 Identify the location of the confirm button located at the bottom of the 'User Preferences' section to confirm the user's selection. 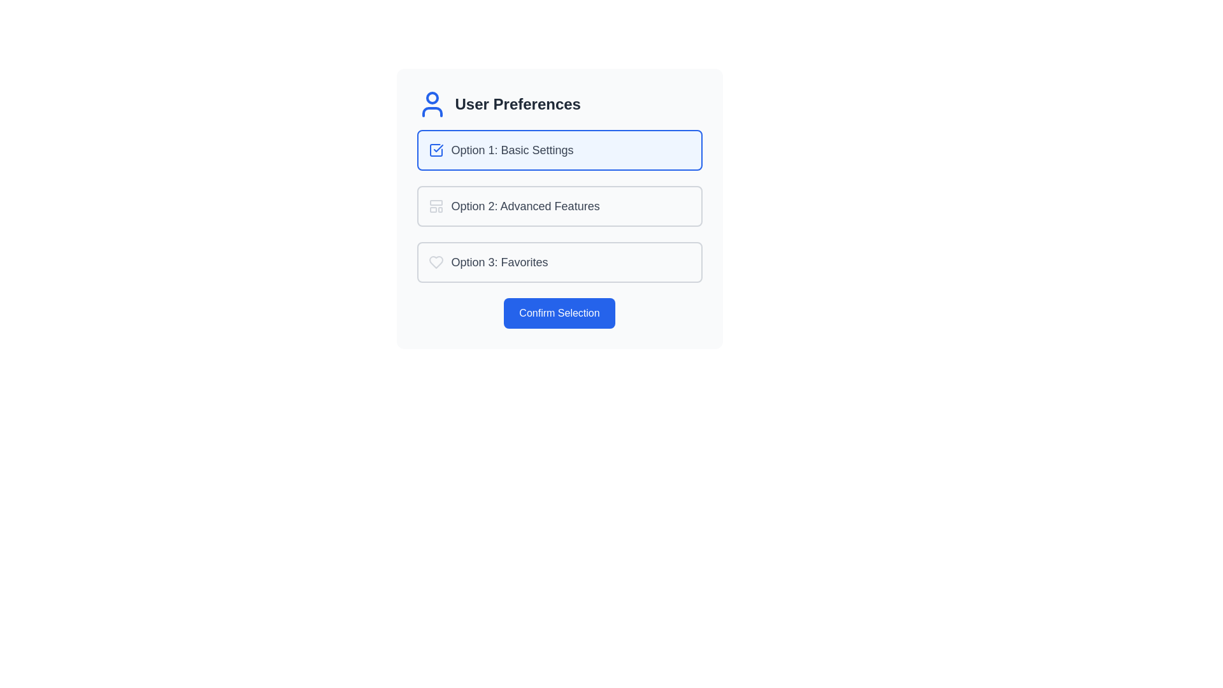
(559, 313).